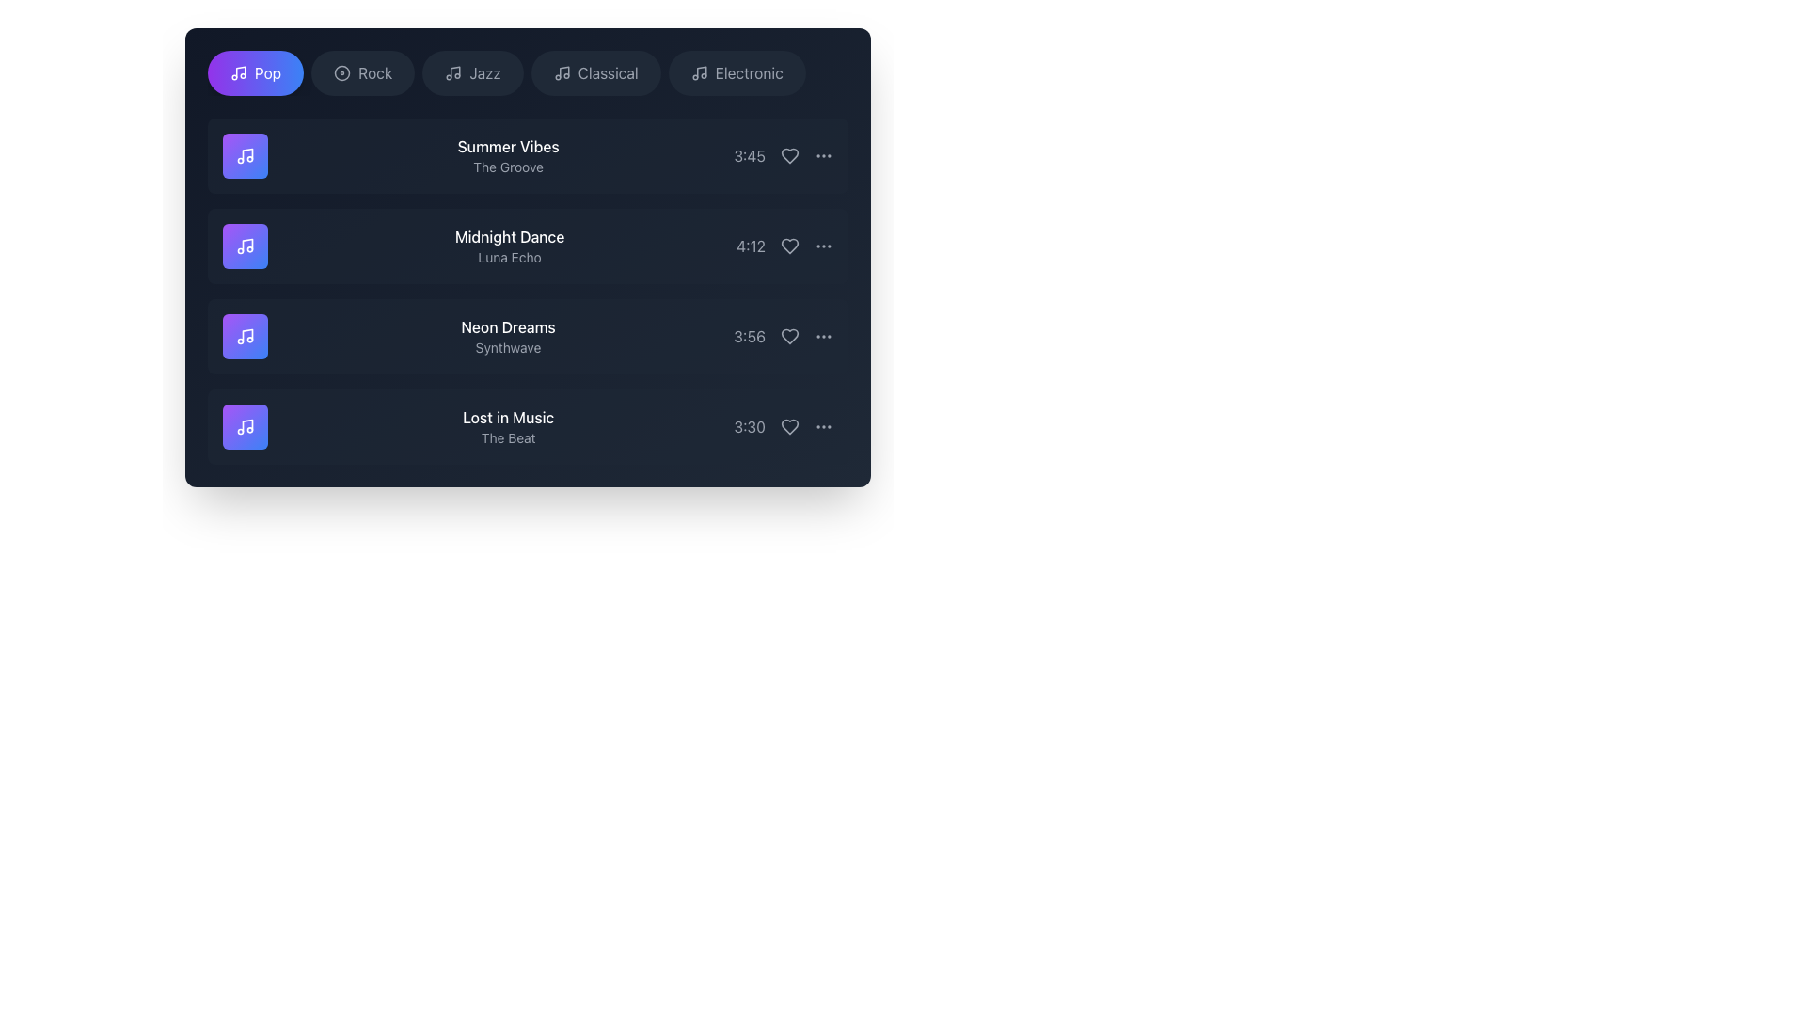  I want to click on the static text label displaying the time '3:56' in gray font, located in the third row of the song listing, to the right of 'Neon Dreams - Synthwave' and before the heart icon, so click(748, 336).